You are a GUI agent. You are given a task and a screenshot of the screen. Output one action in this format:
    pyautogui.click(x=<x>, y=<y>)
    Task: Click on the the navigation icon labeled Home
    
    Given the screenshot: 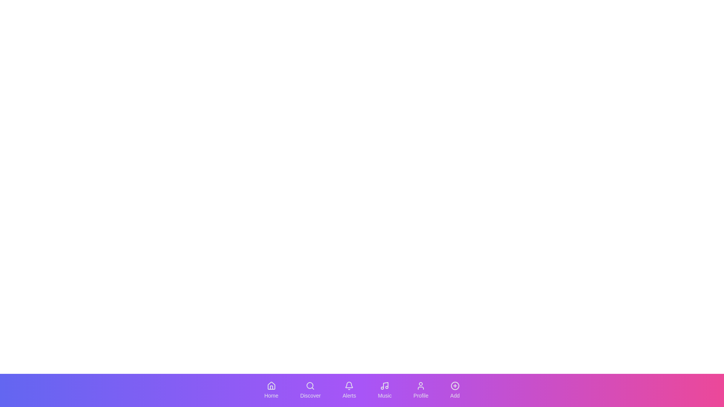 What is the action you would take?
    pyautogui.click(x=271, y=390)
    